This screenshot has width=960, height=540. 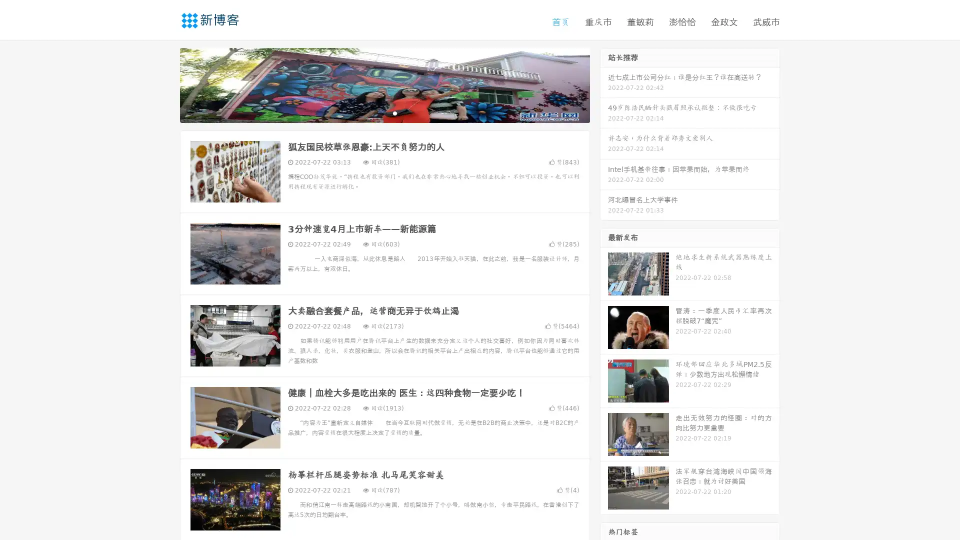 I want to click on Next slide, so click(x=604, y=84).